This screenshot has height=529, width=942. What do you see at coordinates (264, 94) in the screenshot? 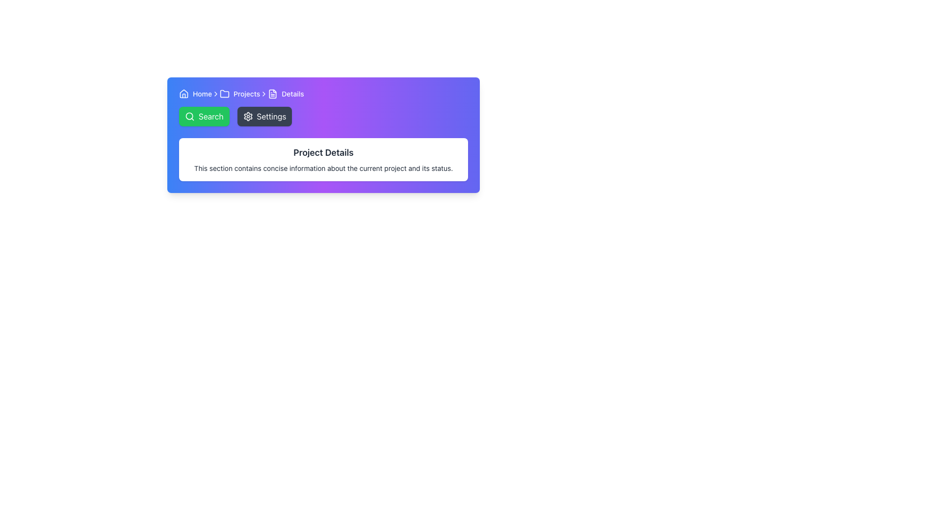
I see `the right-pointing chevron icon in the breadcrumb navigation located between 'Projects' and 'Details' to interact with it` at bounding box center [264, 94].